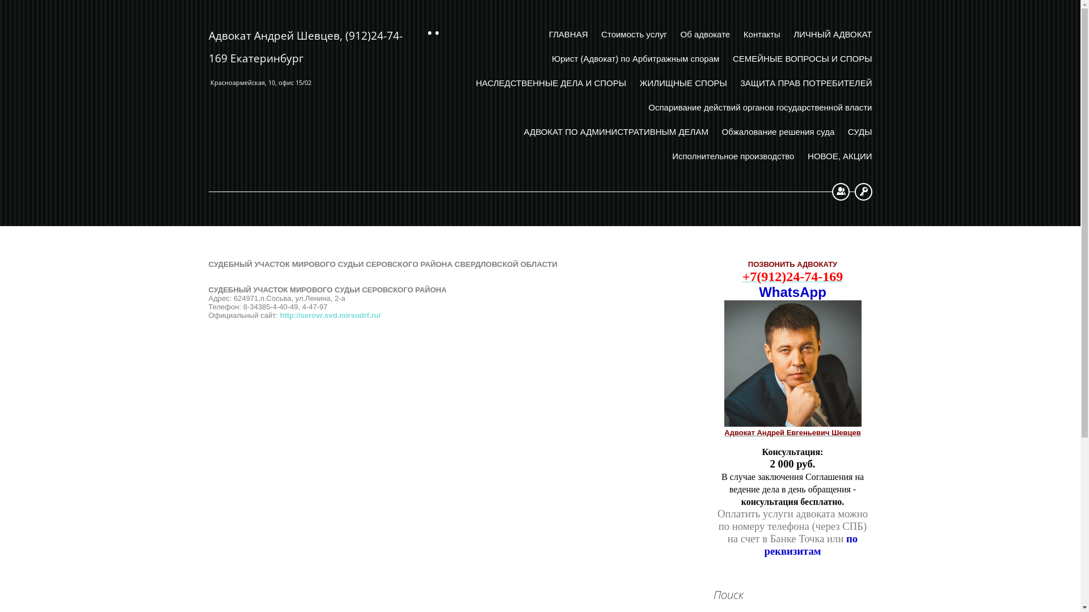 The width and height of the screenshot is (1089, 612). Describe the element at coordinates (329, 315) in the screenshot. I see `'http://serovr.svd.mirsudrf.ru/'` at that location.